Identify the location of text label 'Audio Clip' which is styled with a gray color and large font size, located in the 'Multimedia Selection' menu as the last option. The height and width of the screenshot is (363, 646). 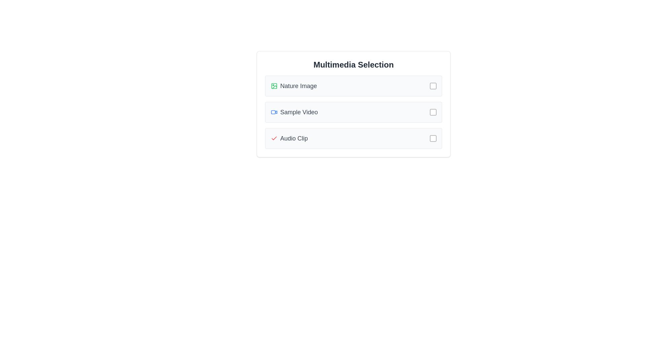
(294, 138).